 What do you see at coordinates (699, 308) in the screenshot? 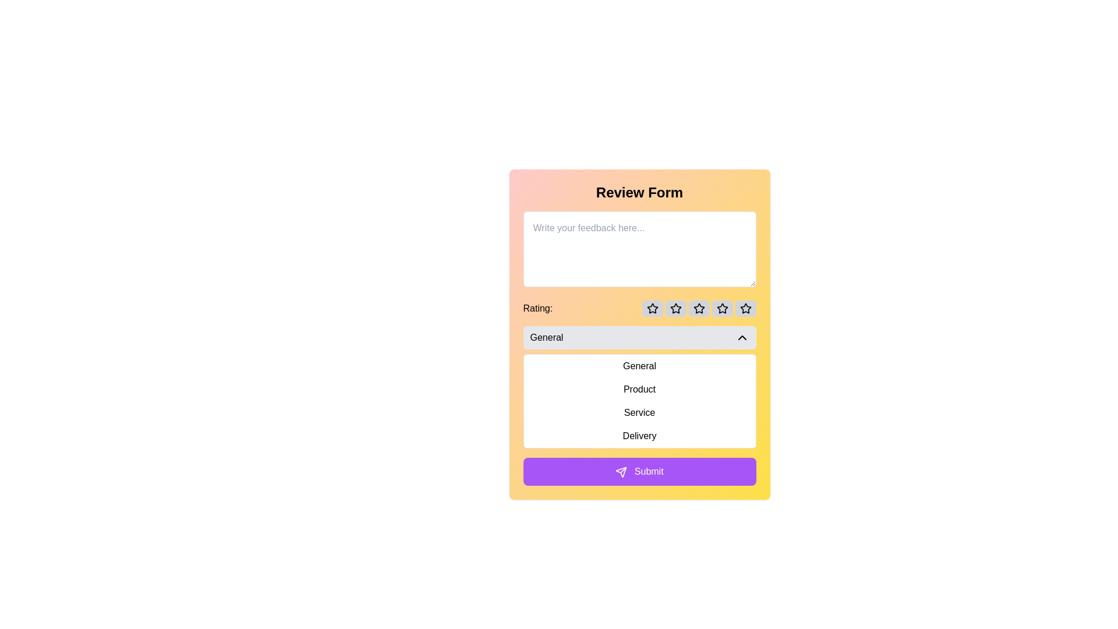
I see `the interactive star-shaped icon with a black outline and gray background, located below the 'Rating:' label` at bounding box center [699, 308].